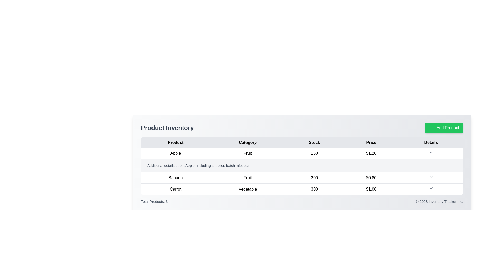  Describe the element at coordinates (248, 189) in the screenshot. I see `the 'Vegetable' text label in the 'Product Inventory' table, which is located under the 'Category' column for the 'Carrot' product` at that location.